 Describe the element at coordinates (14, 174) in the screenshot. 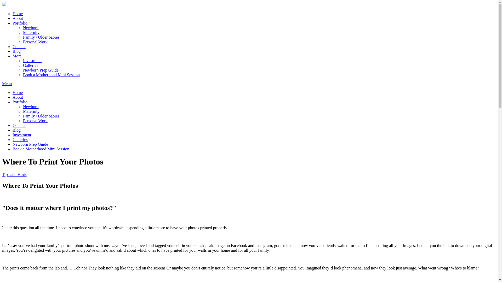

I see `'Tips and Hints'` at that location.